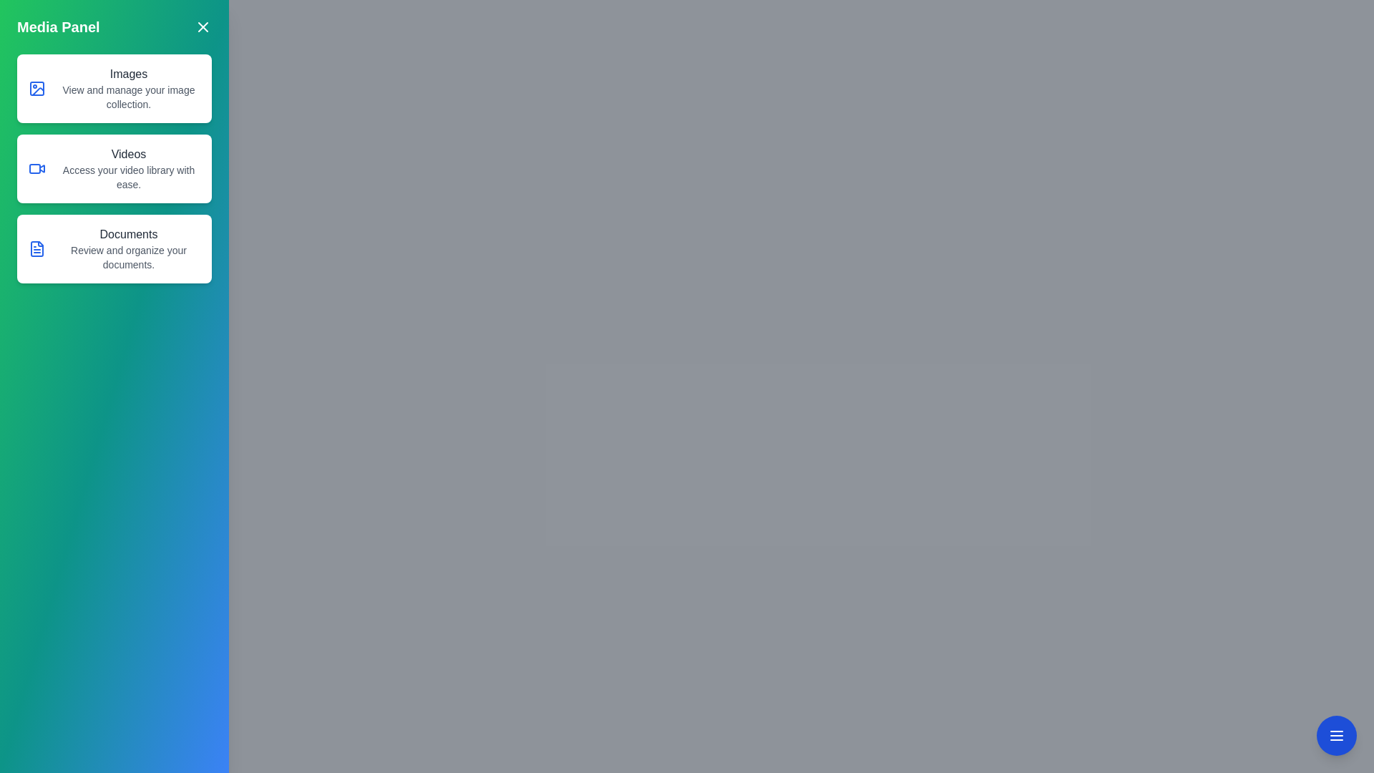 The width and height of the screenshot is (1374, 773). I want to click on the video camera icon located within the 'Videos' button in the 'Media Panel' for navigation, so click(34, 167).